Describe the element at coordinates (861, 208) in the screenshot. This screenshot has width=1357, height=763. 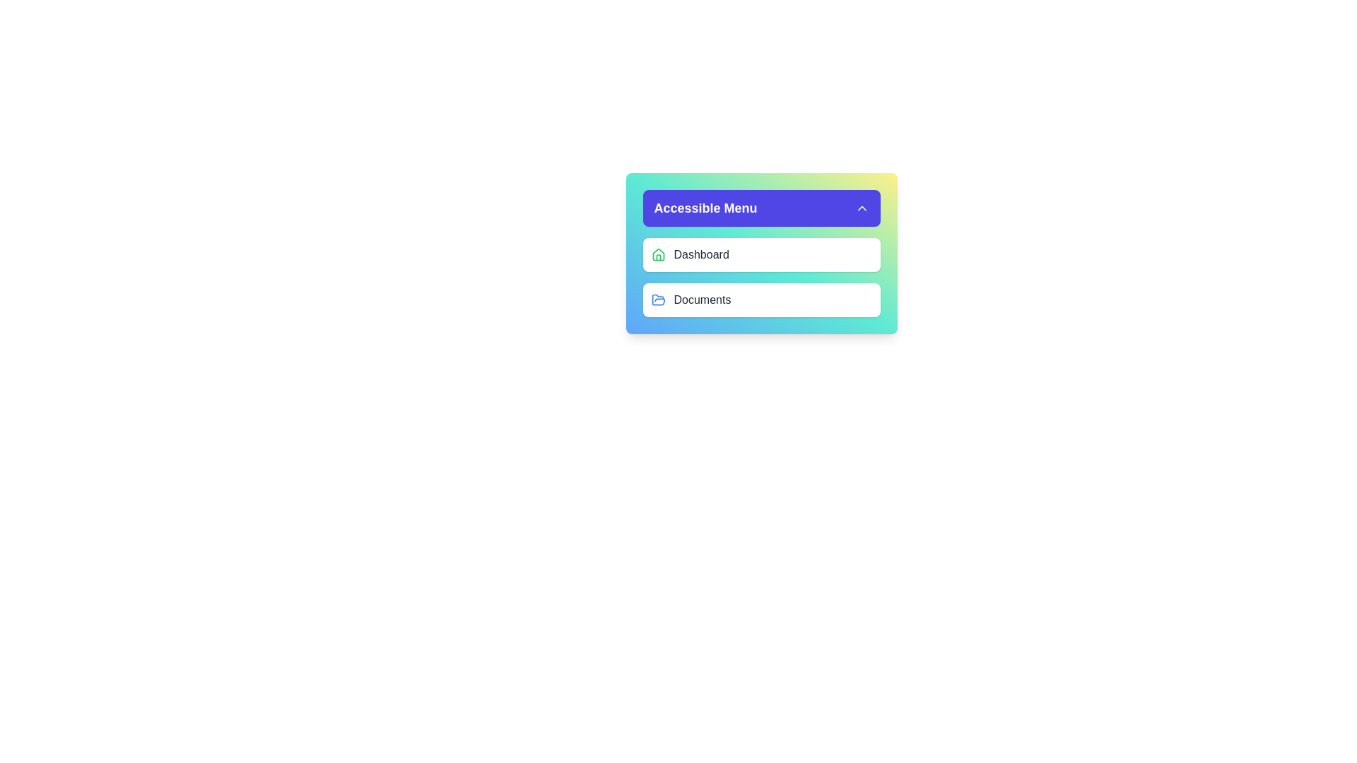
I see `the toggle Icon button located at the far-right of the header area with a blue background, which is associated with the 'Accessible Menu' header` at that location.